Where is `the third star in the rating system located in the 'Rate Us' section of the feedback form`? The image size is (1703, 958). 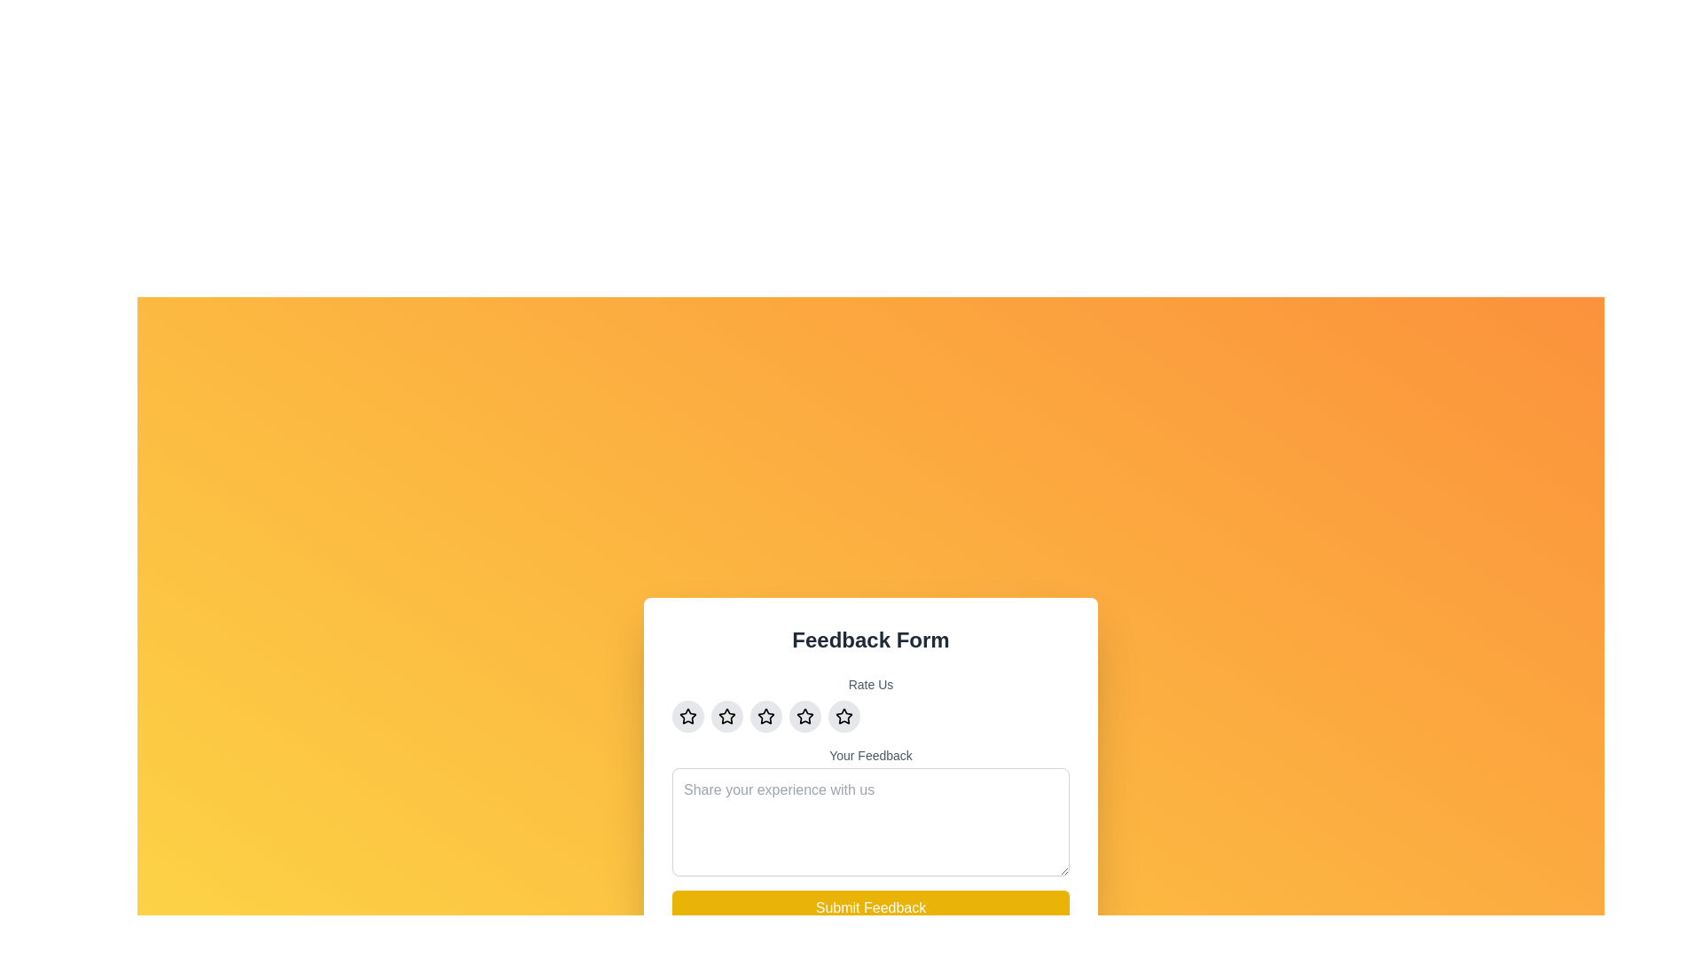
the third star in the rating system located in the 'Rate Us' section of the feedback form is located at coordinates (766, 715).